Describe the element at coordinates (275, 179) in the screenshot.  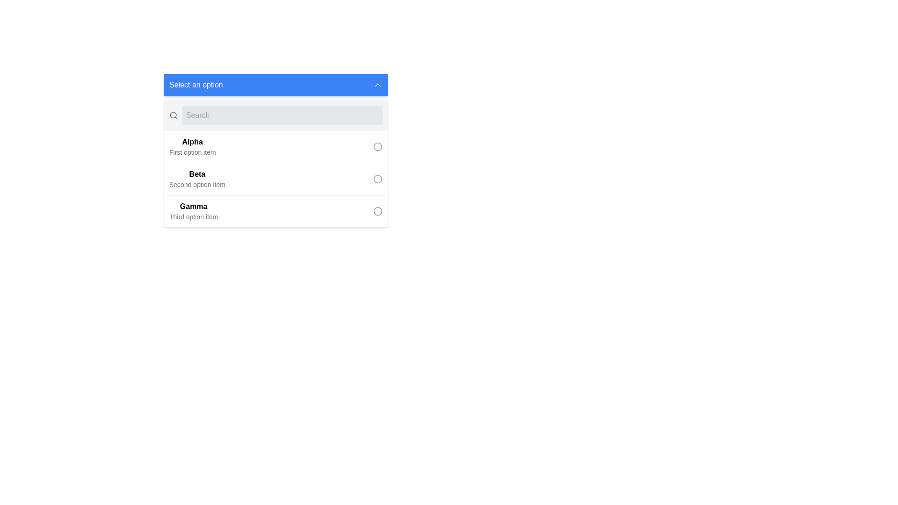
I see `the list item with the bold title 'Beta' and subtitle 'Second option item' in the dropdown menu` at that location.